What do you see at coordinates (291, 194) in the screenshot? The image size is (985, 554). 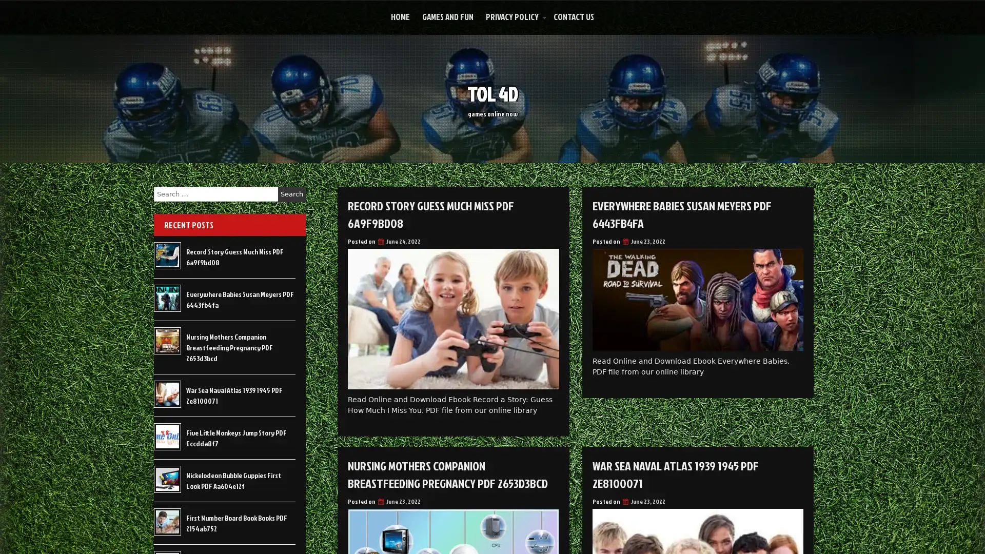 I see `Search` at bounding box center [291, 194].